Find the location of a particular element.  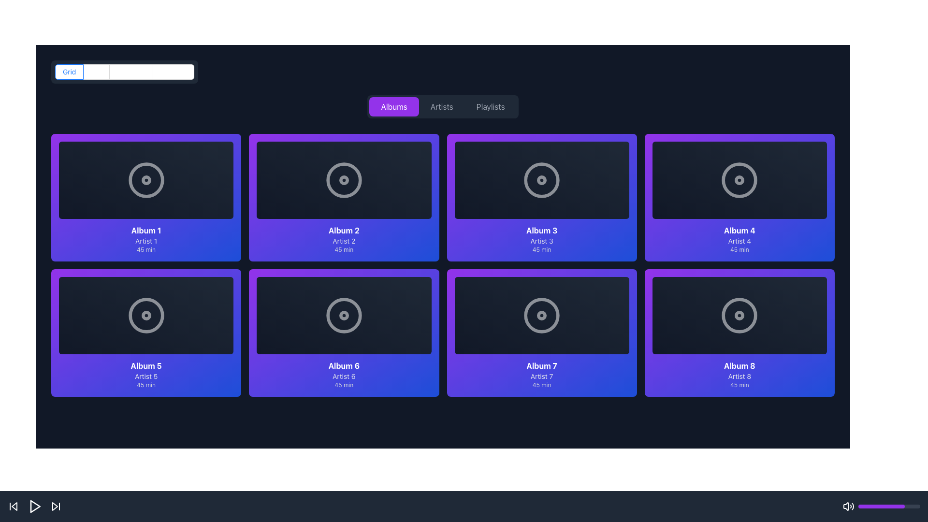

progress bar is located at coordinates (859, 506).